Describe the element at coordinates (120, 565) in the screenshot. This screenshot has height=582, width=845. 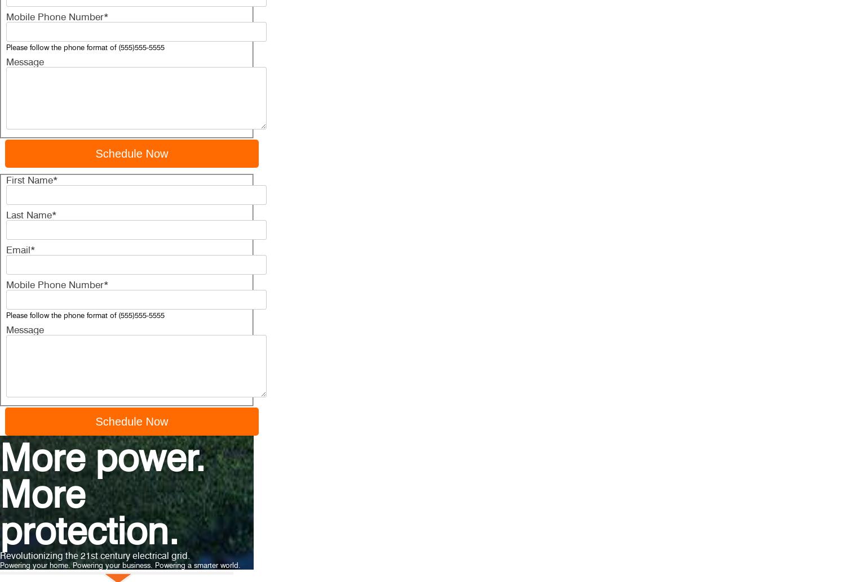
I see `'Powering your home. Powering your business. Powering a smarter world.'` at that location.